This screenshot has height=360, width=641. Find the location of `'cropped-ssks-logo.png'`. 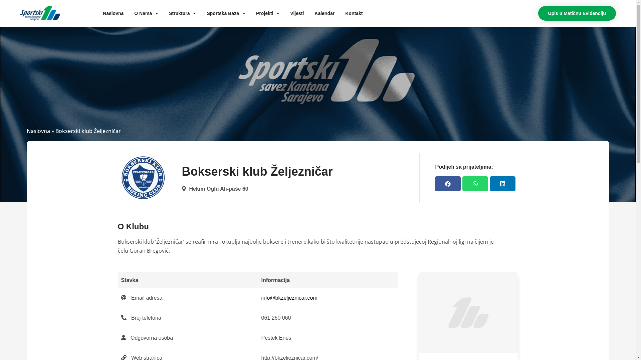

'cropped-ssks-logo.png' is located at coordinates (40, 13).